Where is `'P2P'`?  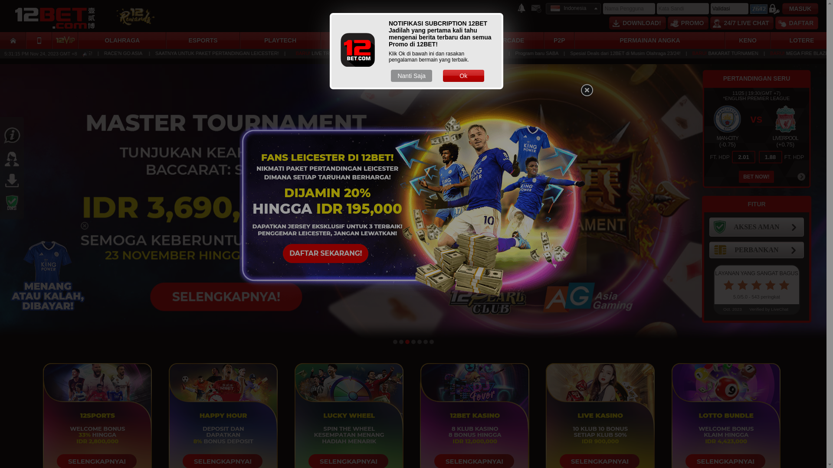 'P2P' is located at coordinates (559, 40).